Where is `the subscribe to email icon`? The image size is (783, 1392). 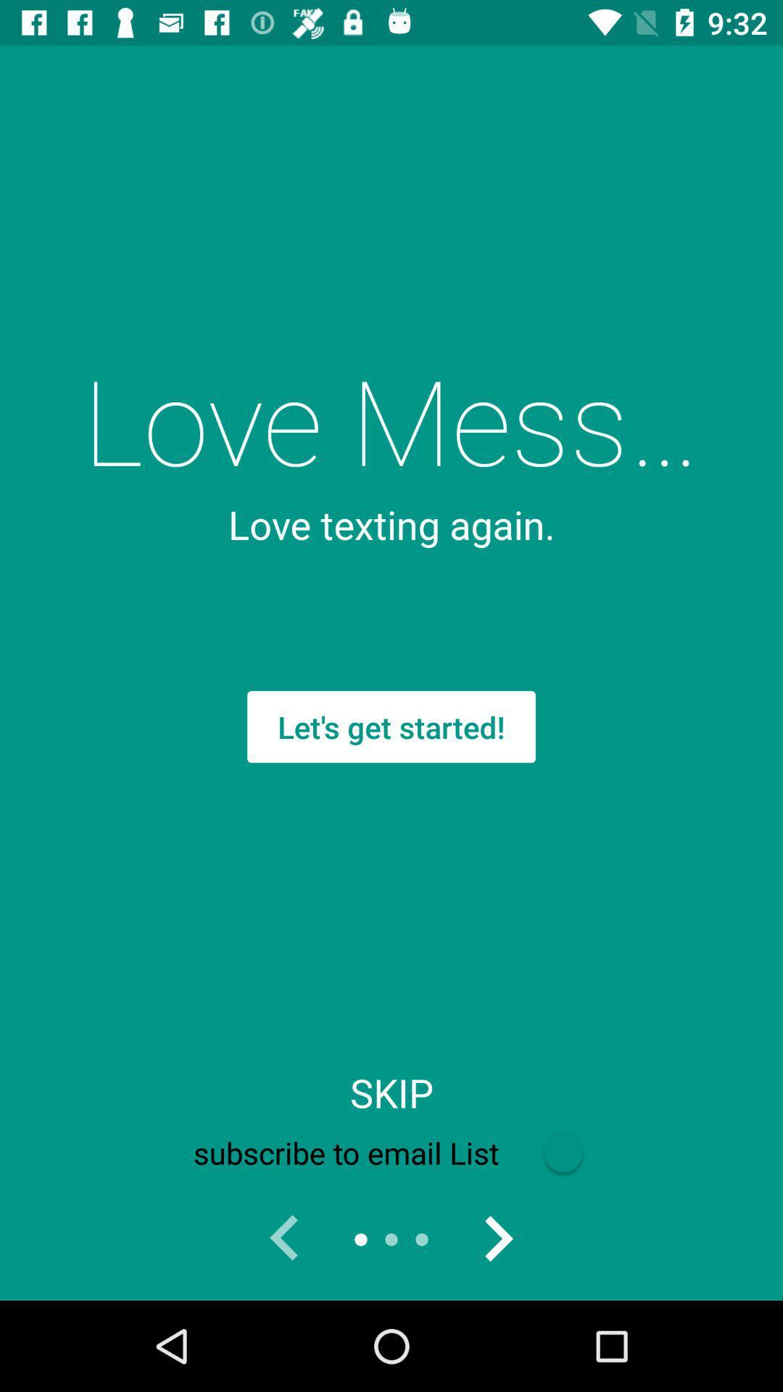 the subscribe to email icon is located at coordinates (391, 1152).